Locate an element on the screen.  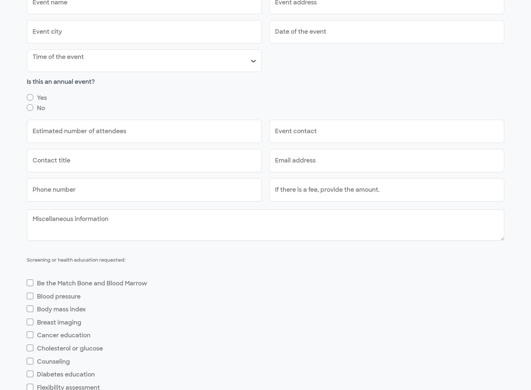
'Estimated number of attendees' is located at coordinates (79, 131).